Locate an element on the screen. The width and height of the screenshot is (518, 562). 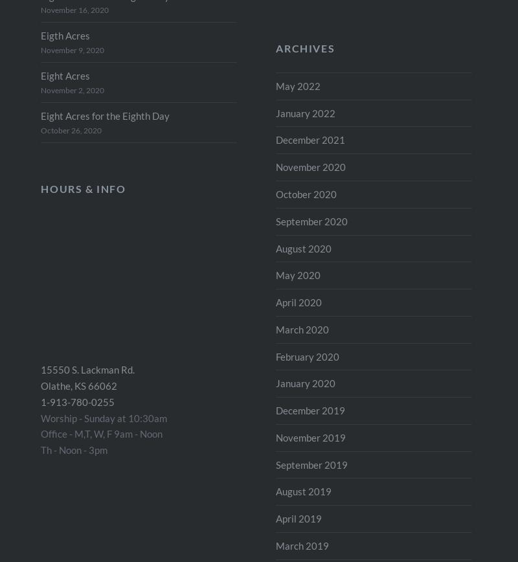
'Worship - Sunday at 10:30am' is located at coordinates (104, 418).